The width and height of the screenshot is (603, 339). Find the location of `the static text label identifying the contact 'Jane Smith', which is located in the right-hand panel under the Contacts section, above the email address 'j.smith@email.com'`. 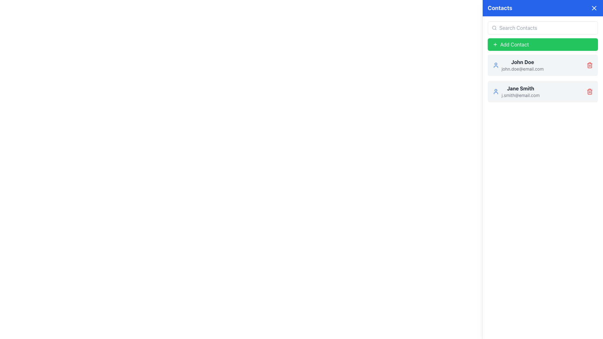

the static text label identifying the contact 'Jane Smith', which is located in the right-hand panel under the Contacts section, above the email address 'j.smith@email.com' is located at coordinates (520, 88).